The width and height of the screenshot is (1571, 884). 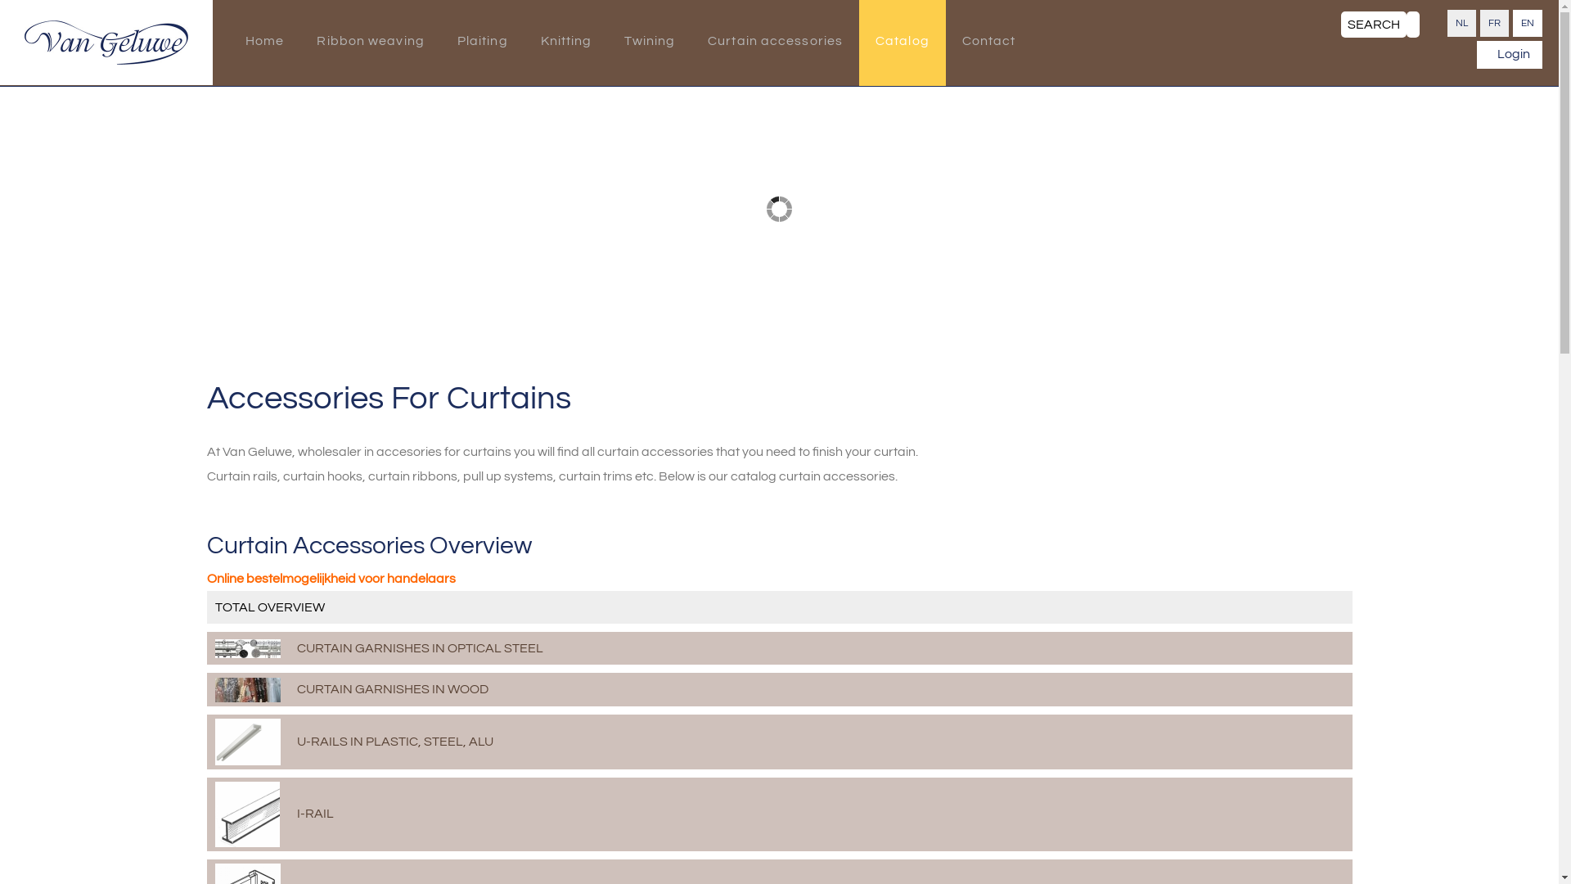 What do you see at coordinates (264, 42) in the screenshot?
I see `'Home'` at bounding box center [264, 42].